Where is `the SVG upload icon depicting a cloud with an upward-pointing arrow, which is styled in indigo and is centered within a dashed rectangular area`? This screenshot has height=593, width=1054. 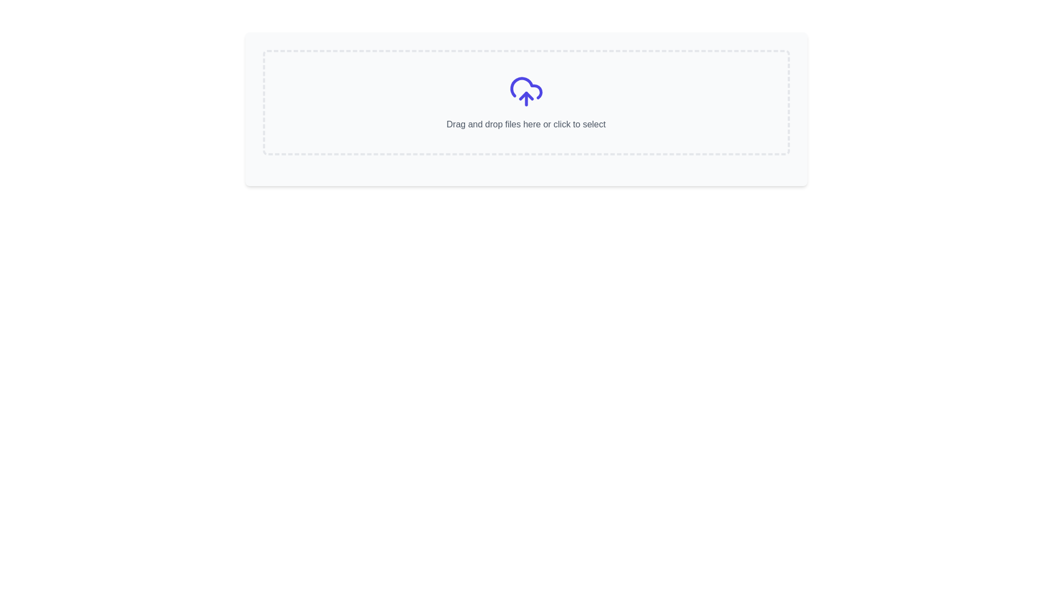
the SVG upload icon depicting a cloud with an upward-pointing arrow, which is styled in indigo and is centered within a dashed rectangular area is located at coordinates (525, 91).